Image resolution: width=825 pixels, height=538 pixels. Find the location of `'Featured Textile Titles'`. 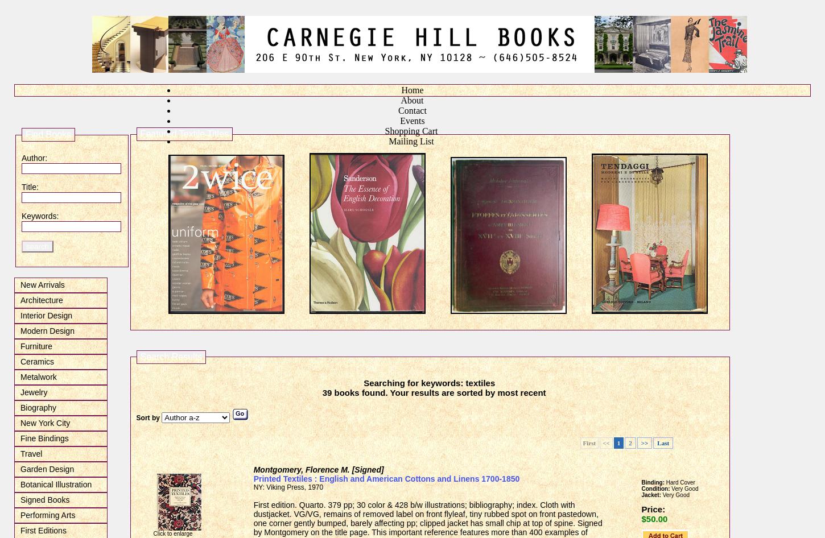

'Featured Textile Titles' is located at coordinates (140, 134).